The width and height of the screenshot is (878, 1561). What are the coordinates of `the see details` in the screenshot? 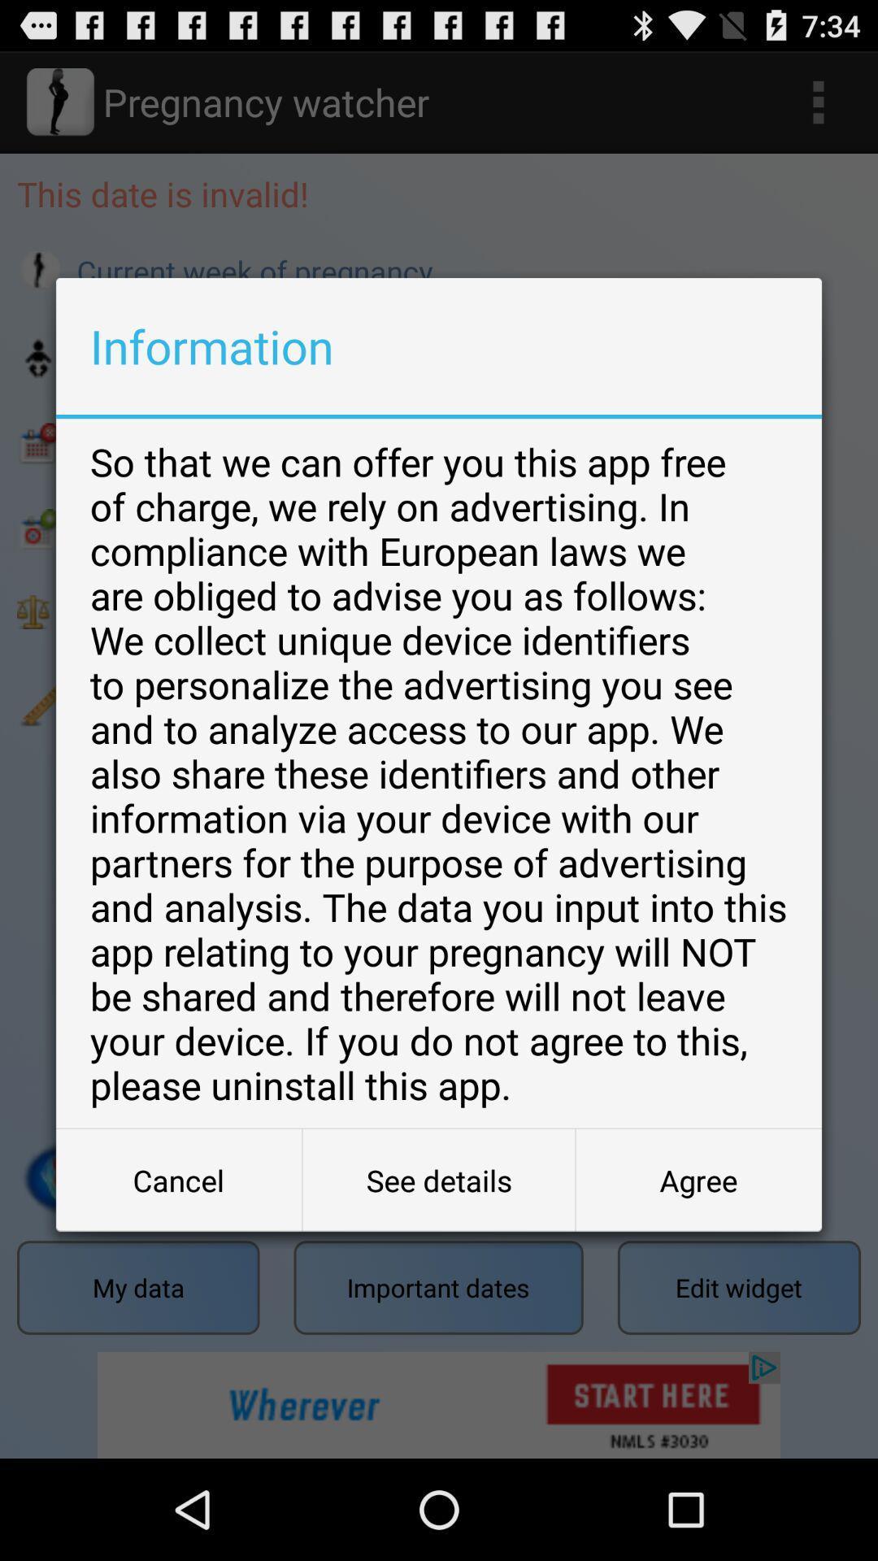 It's located at (439, 1180).